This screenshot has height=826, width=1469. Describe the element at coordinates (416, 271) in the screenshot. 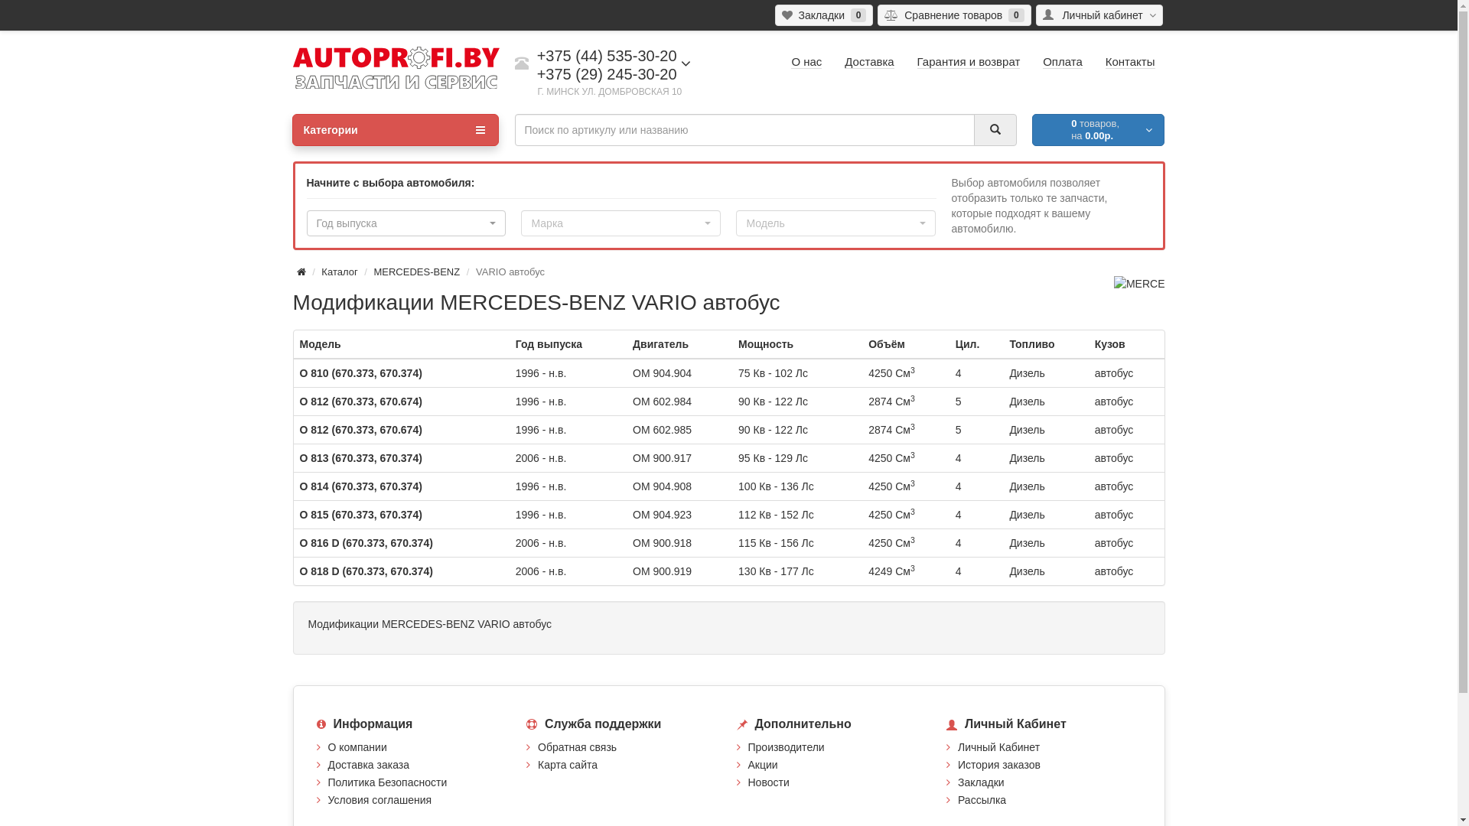

I see `'MERCEDES-BENZ'` at that location.